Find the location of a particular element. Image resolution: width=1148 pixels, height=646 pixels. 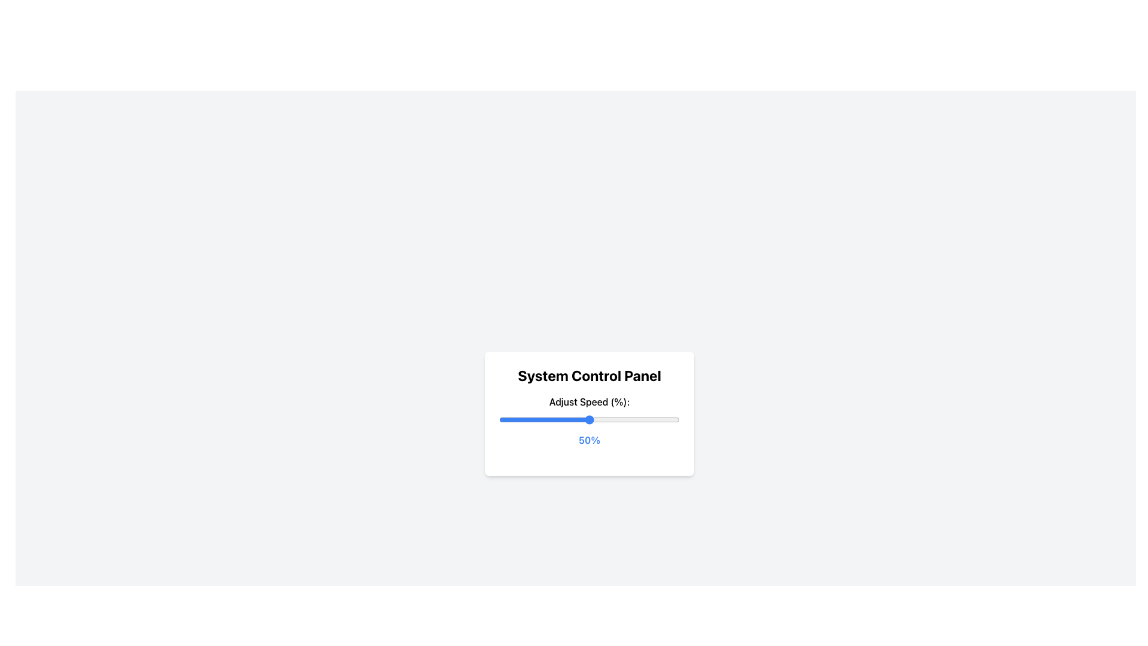

the speed is located at coordinates (512, 419).